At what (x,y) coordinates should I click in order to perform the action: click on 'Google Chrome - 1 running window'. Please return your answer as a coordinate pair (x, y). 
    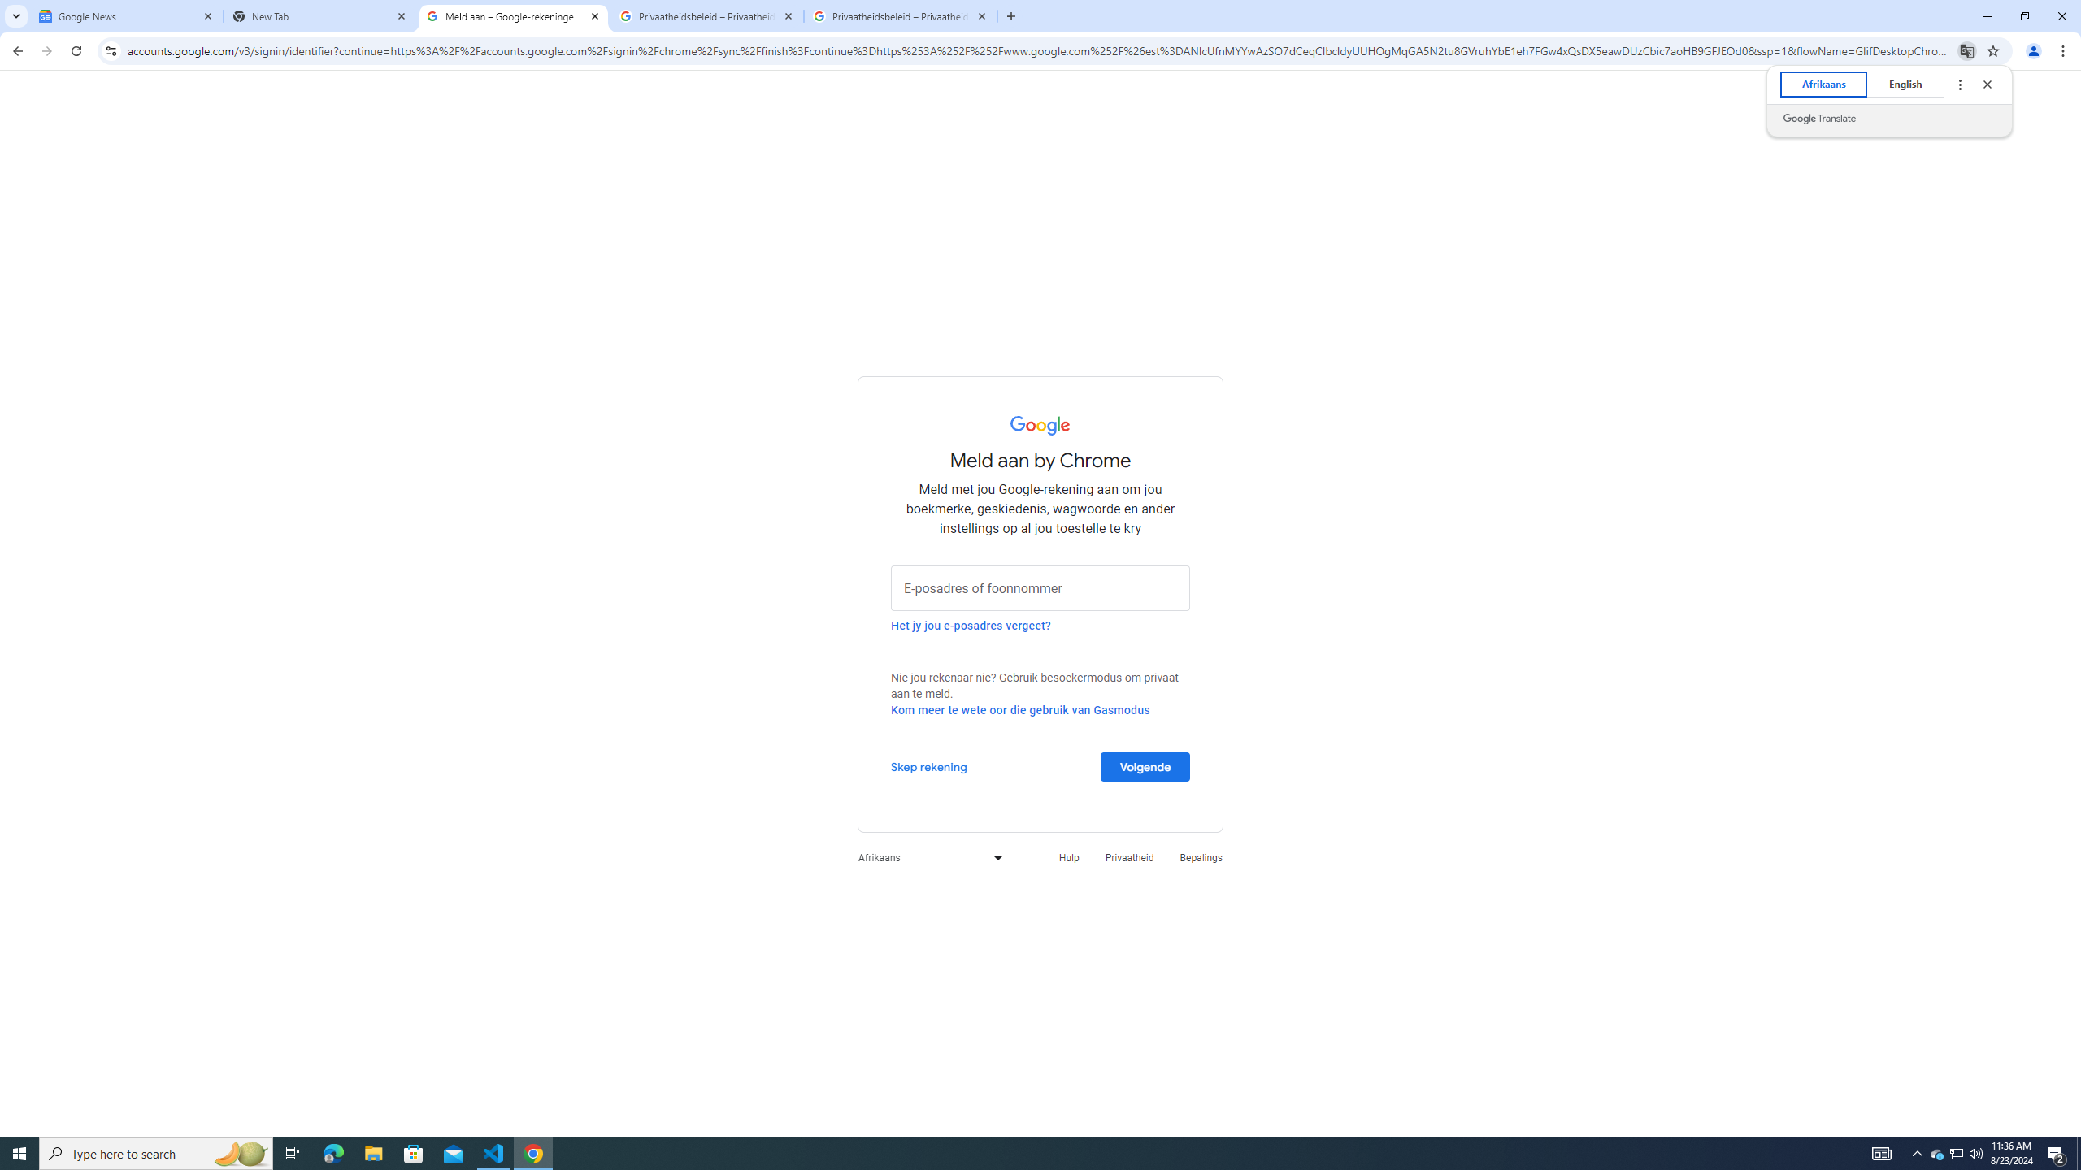
    Looking at the image, I should click on (533, 1152).